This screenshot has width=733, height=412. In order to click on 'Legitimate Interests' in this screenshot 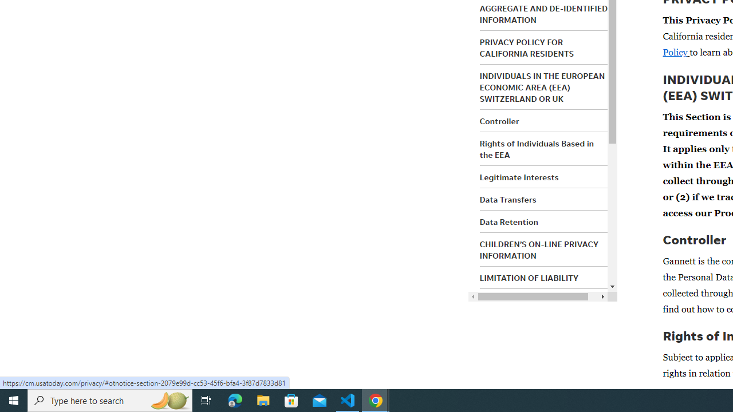, I will do `click(518, 177)`.